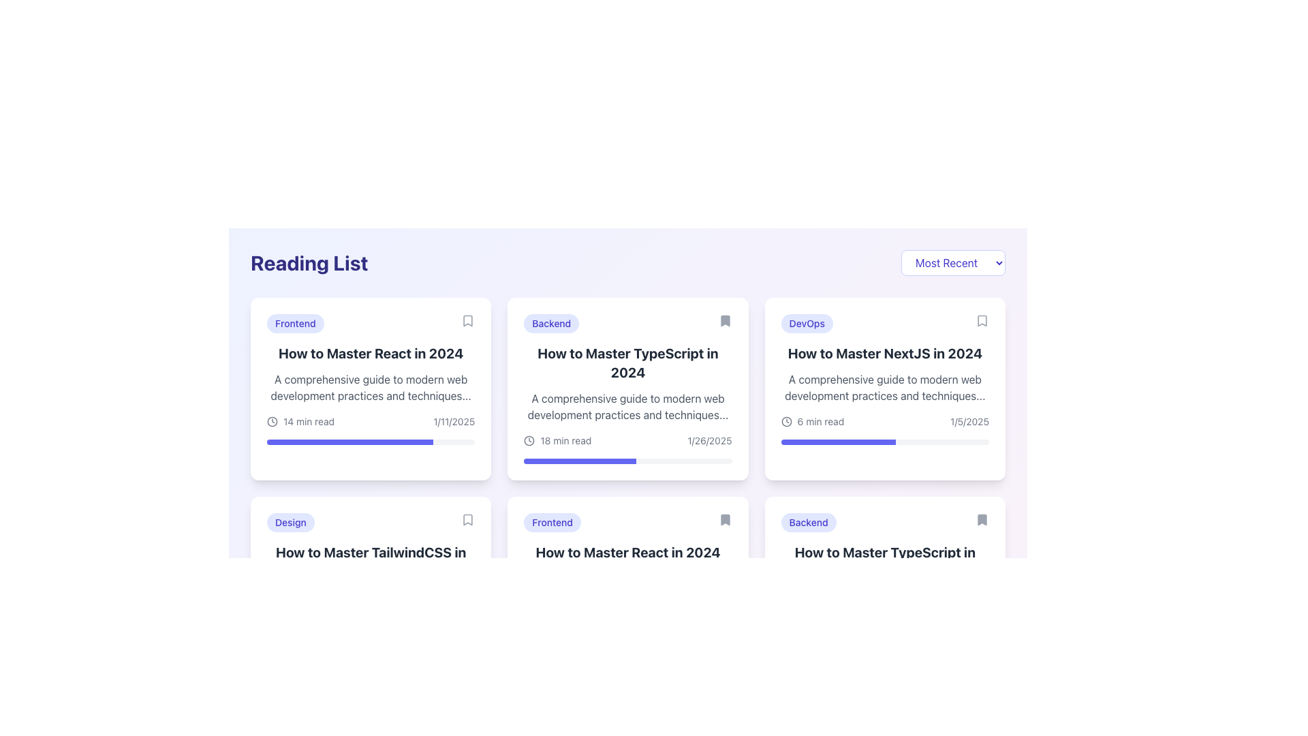  What do you see at coordinates (627, 461) in the screenshot?
I see `the progress bar located at the bottom of the card titled 'How to Master TypeScript in 2024' to understand the progress it represents` at bounding box center [627, 461].